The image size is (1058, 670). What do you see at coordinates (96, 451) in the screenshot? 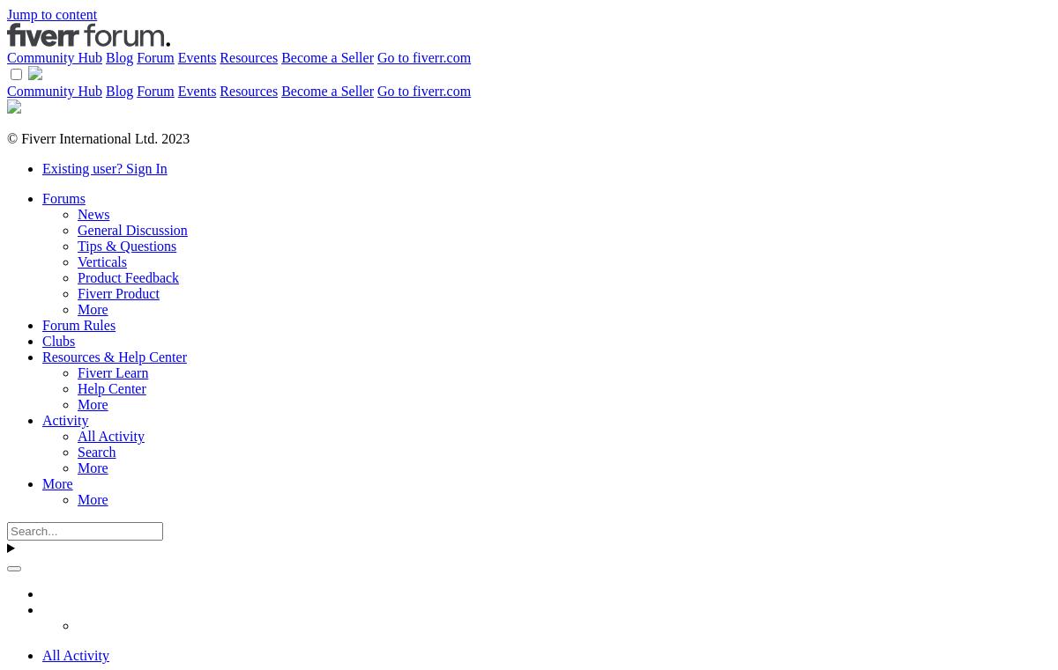
I see `'Search'` at bounding box center [96, 451].